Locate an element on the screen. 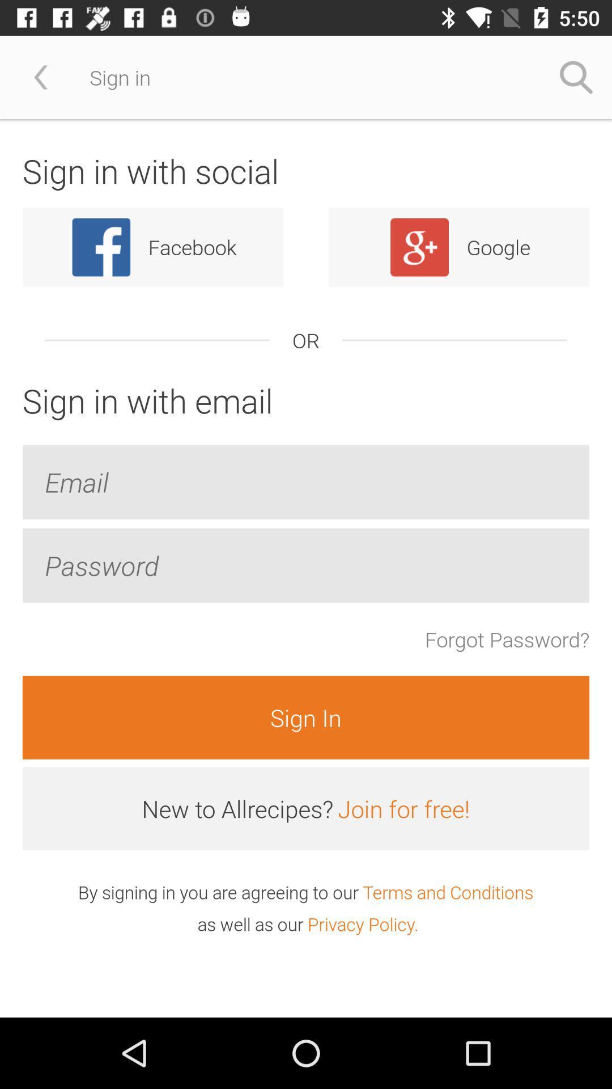  item above the sign in with is located at coordinates (576, 77).